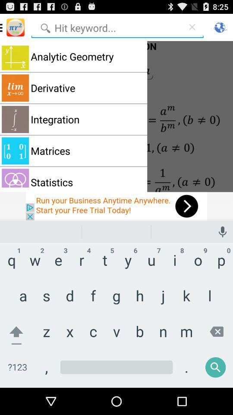  I want to click on type in text, so click(116, 373).